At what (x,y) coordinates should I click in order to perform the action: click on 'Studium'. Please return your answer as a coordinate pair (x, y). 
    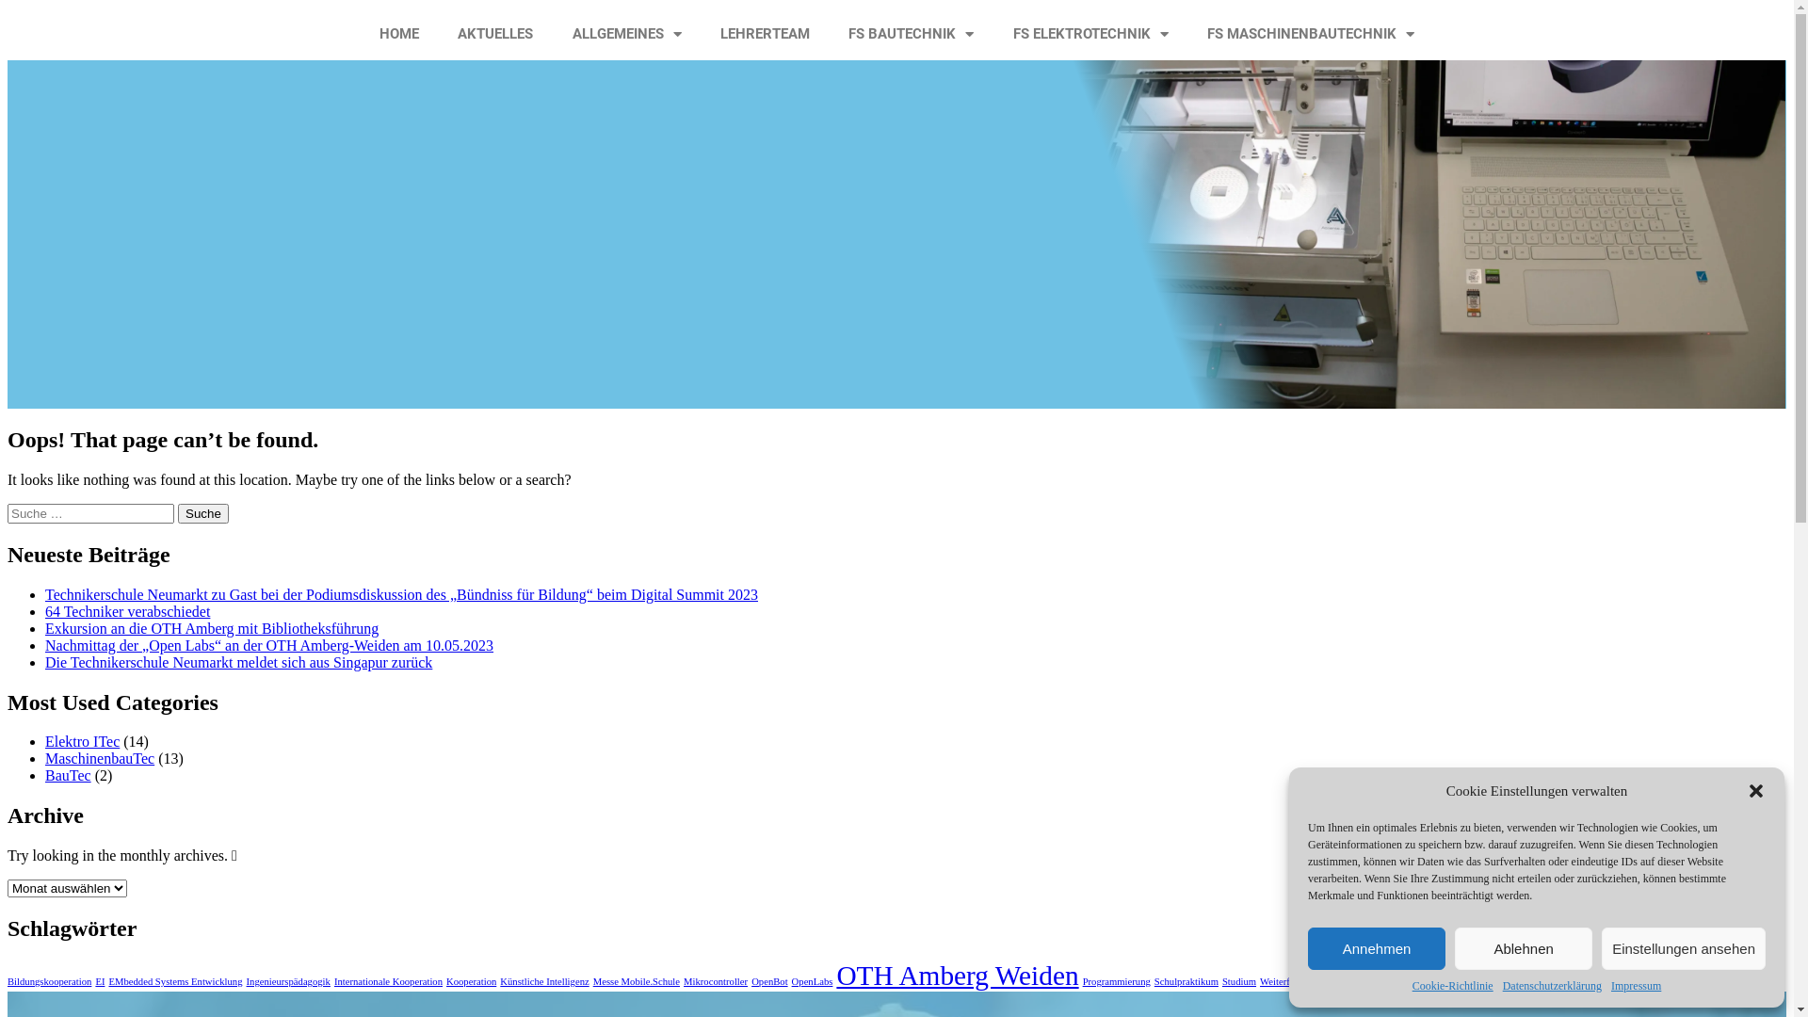
    Looking at the image, I should click on (1238, 980).